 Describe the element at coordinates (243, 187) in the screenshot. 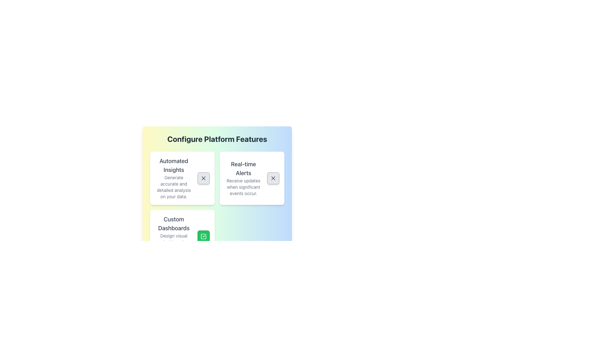

I see `the Static Text providing supplementary information about the 'Real-time Alerts' feature, which is positioned beneath the heading 'Real-time Alerts'` at that location.